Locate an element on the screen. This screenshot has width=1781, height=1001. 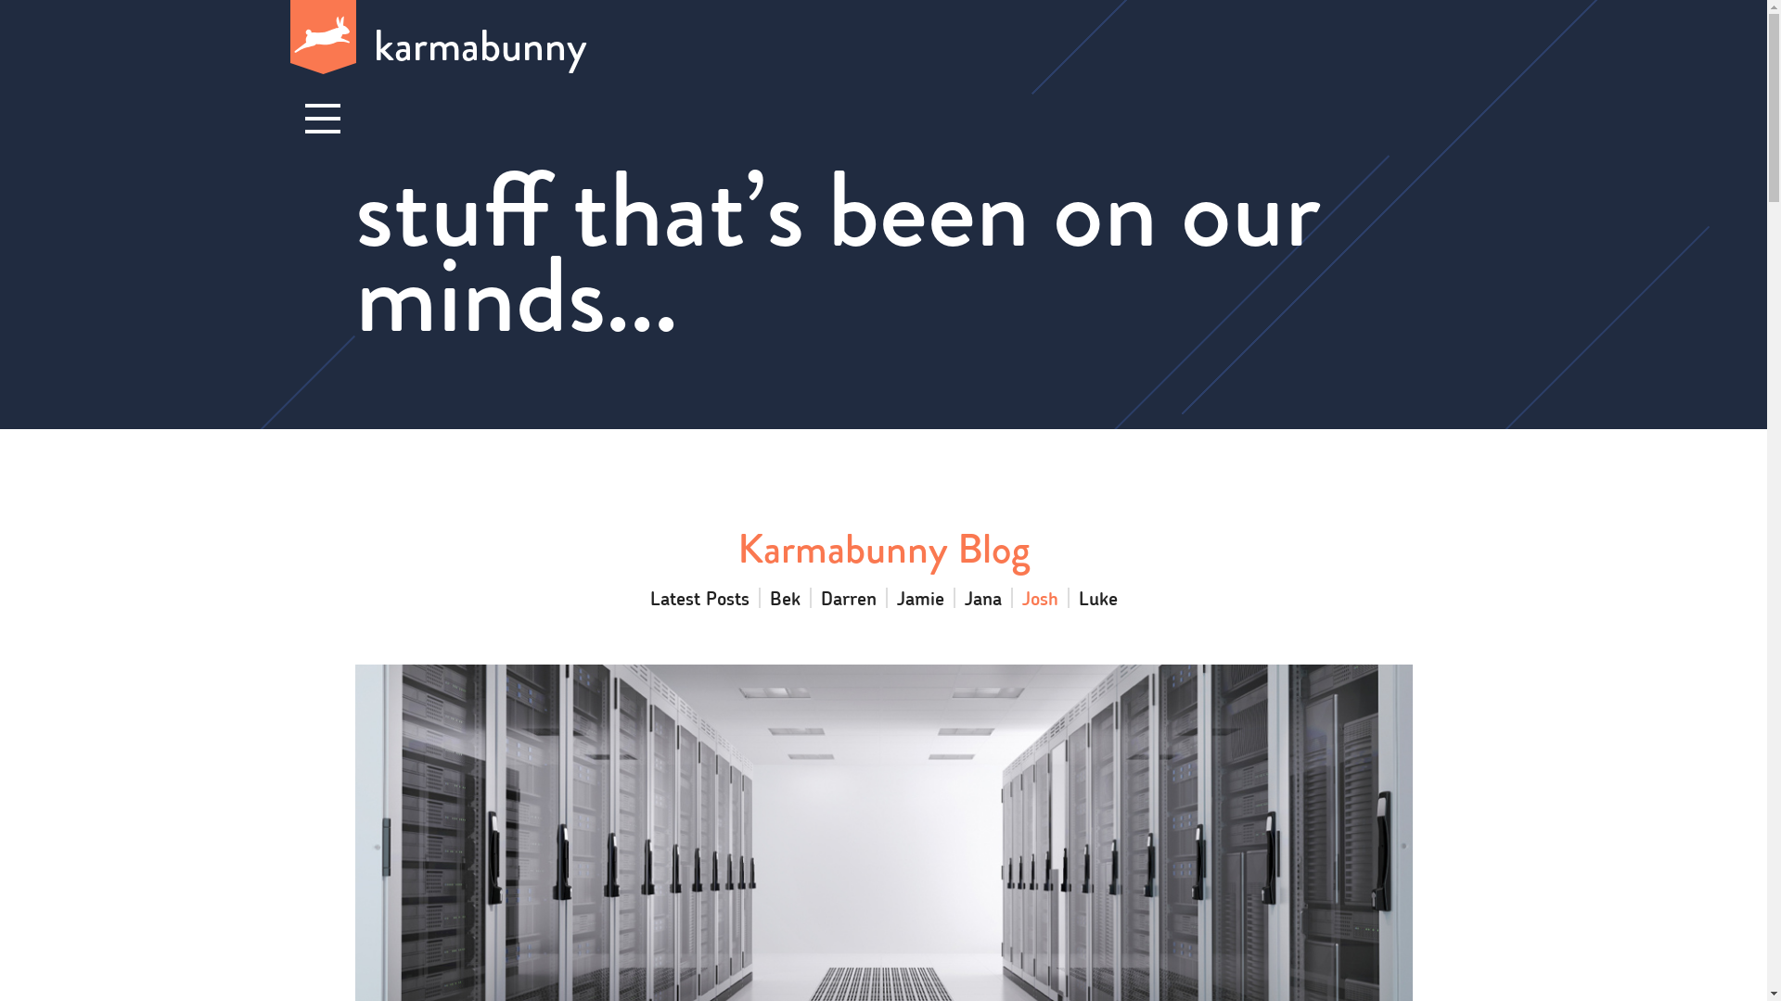
'Jana' is located at coordinates (982, 597).